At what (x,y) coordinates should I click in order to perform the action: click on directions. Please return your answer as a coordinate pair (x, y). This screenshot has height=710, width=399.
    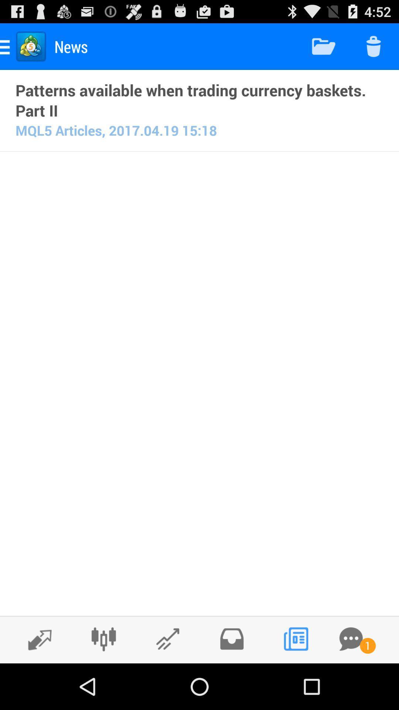
    Looking at the image, I should click on (36, 639).